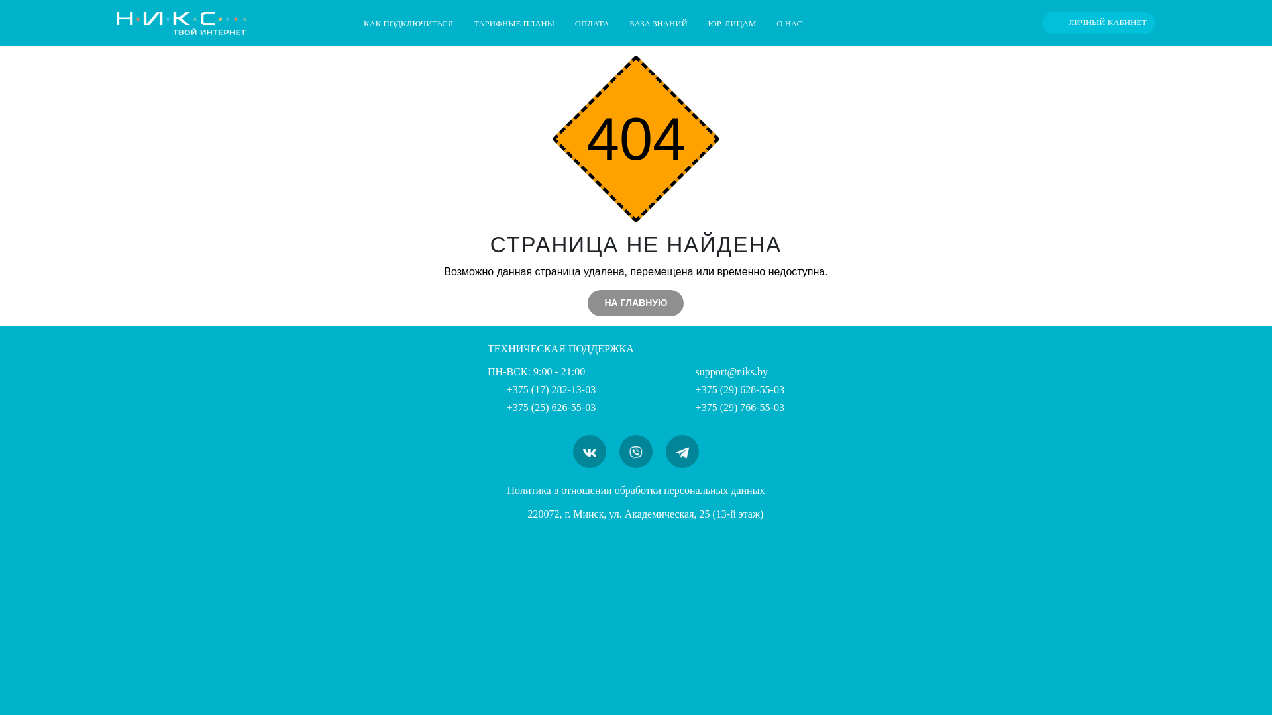 Image resolution: width=1272 pixels, height=715 pixels. Describe the element at coordinates (729, 406) in the screenshot. I see `'+375 (29) 766-55-03'` at that location.